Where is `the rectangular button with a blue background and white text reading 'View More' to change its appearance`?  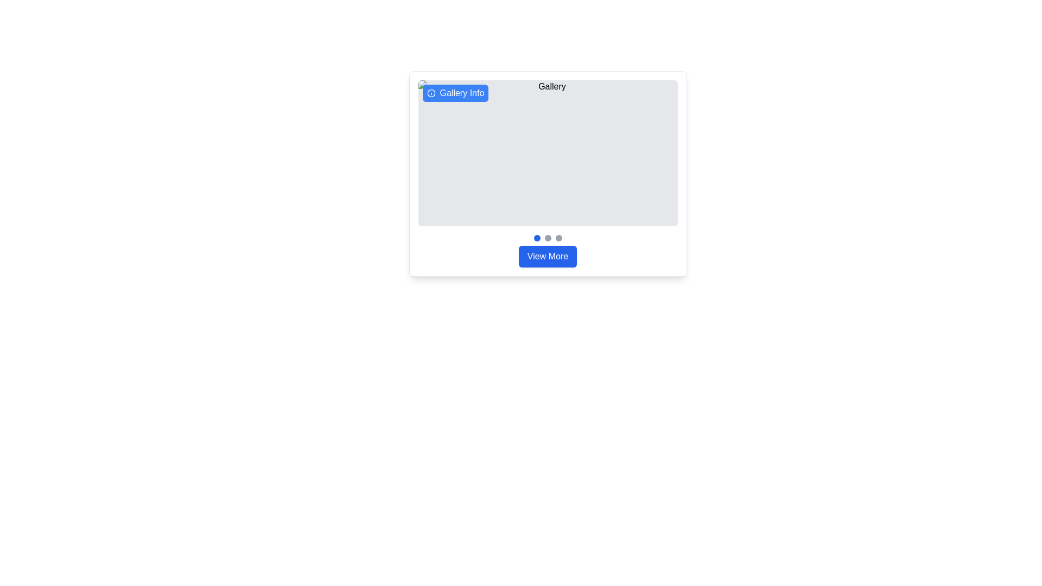
the rectangular button with a blue background and white text reading 'View More' to change its appearance is located at coordinates (548, 256).